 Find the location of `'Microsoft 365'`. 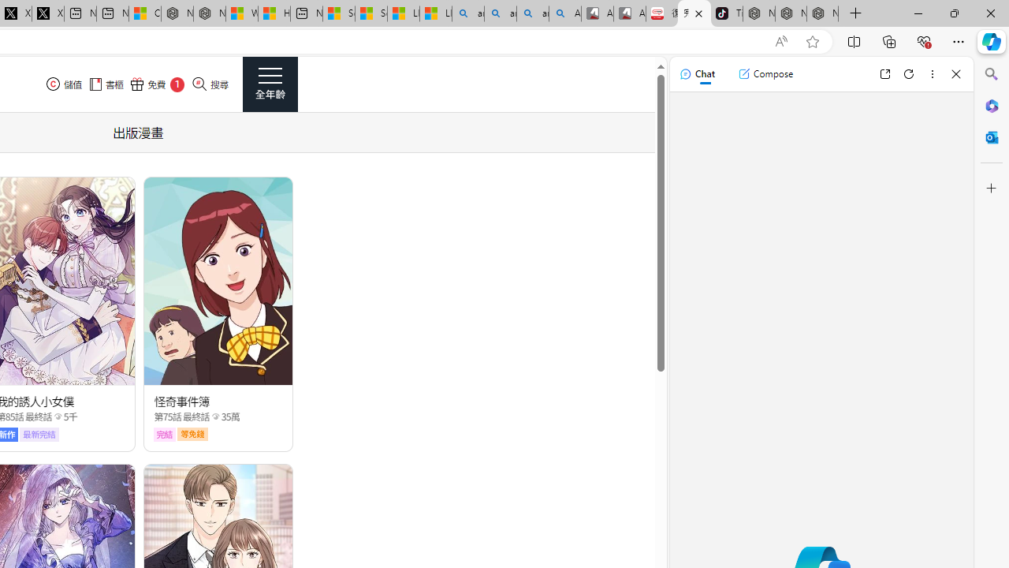

'Microsoft 365' is located at coordinates (991, 105).